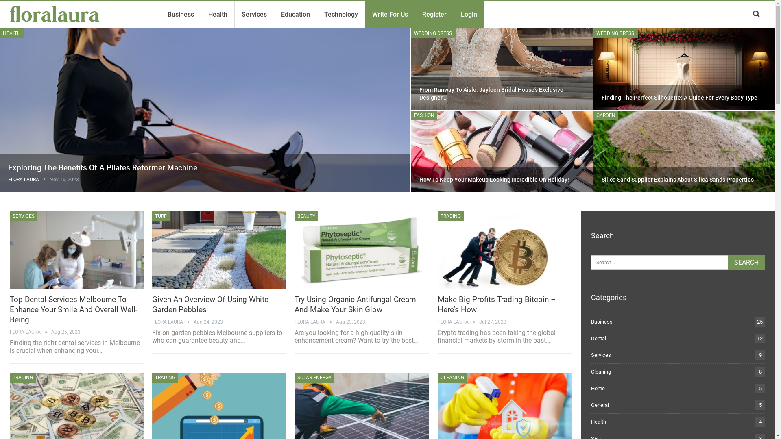 The width and height of the screenshot is (781, 439). What do you see at coordinates (411, 33) in the screenshot?
I see `'WEDDING DRESS '` at bounding box center [411, 33].